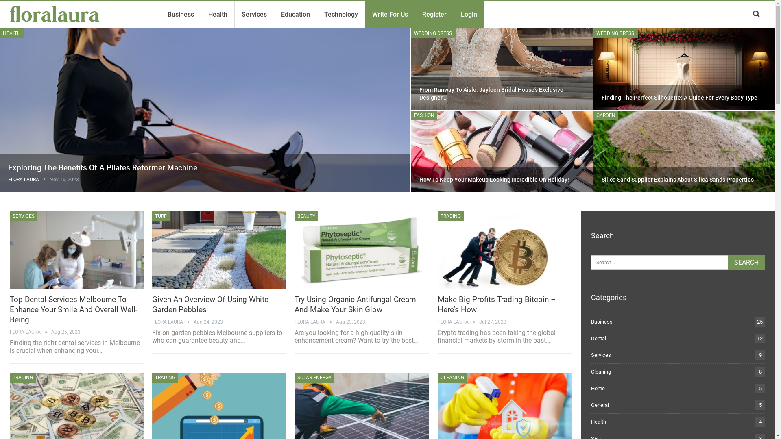 The width and height of the screenshot is (781, 439). What do you see at coordinates (411, 33) in the screenshot?
I see `'WEDDING DRESS '` at bounding box center [411, 33].